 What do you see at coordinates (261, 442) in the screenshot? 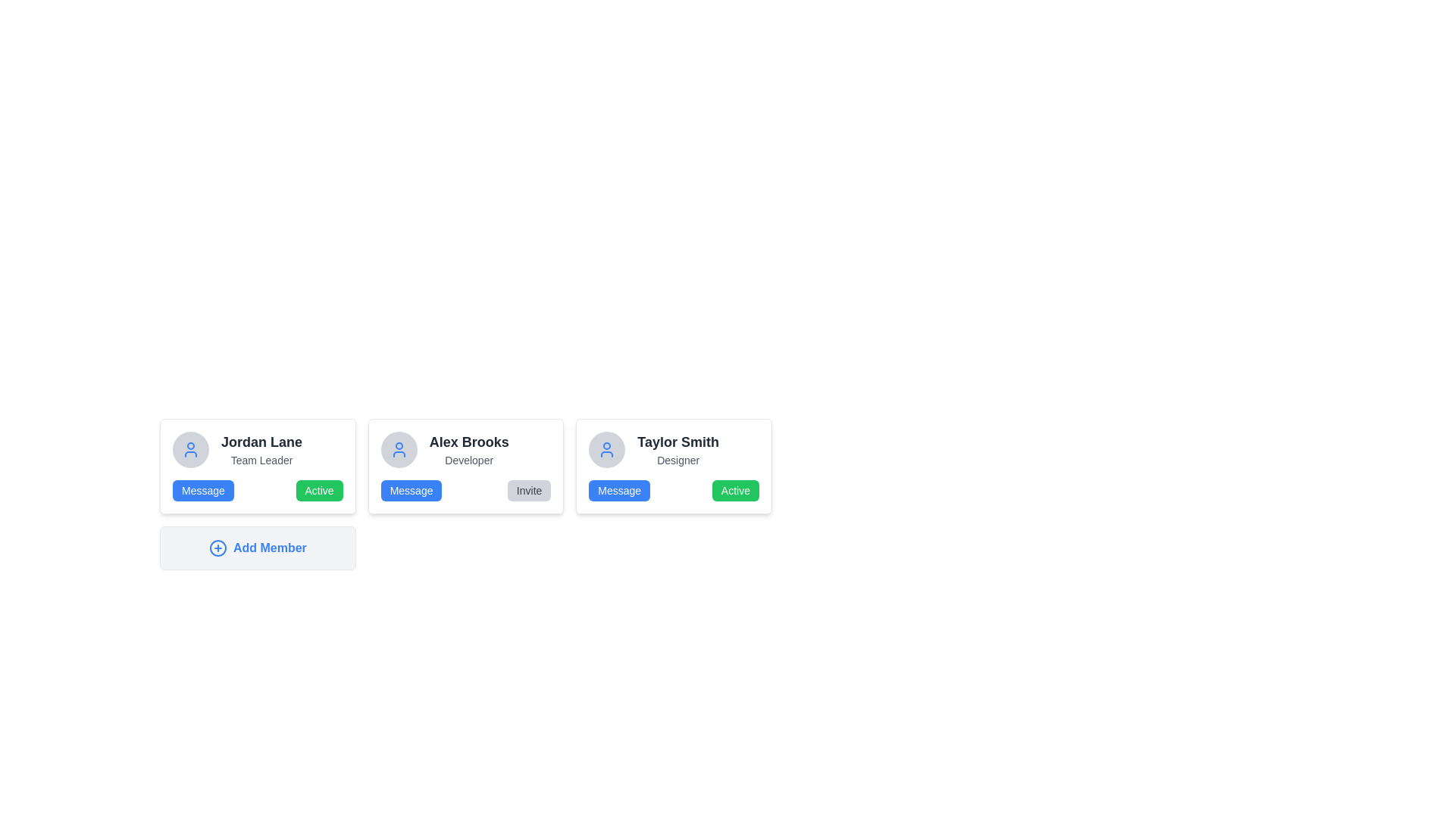
I see `the title text at the top of the card representing an individual` at bounding box center [261, 442].